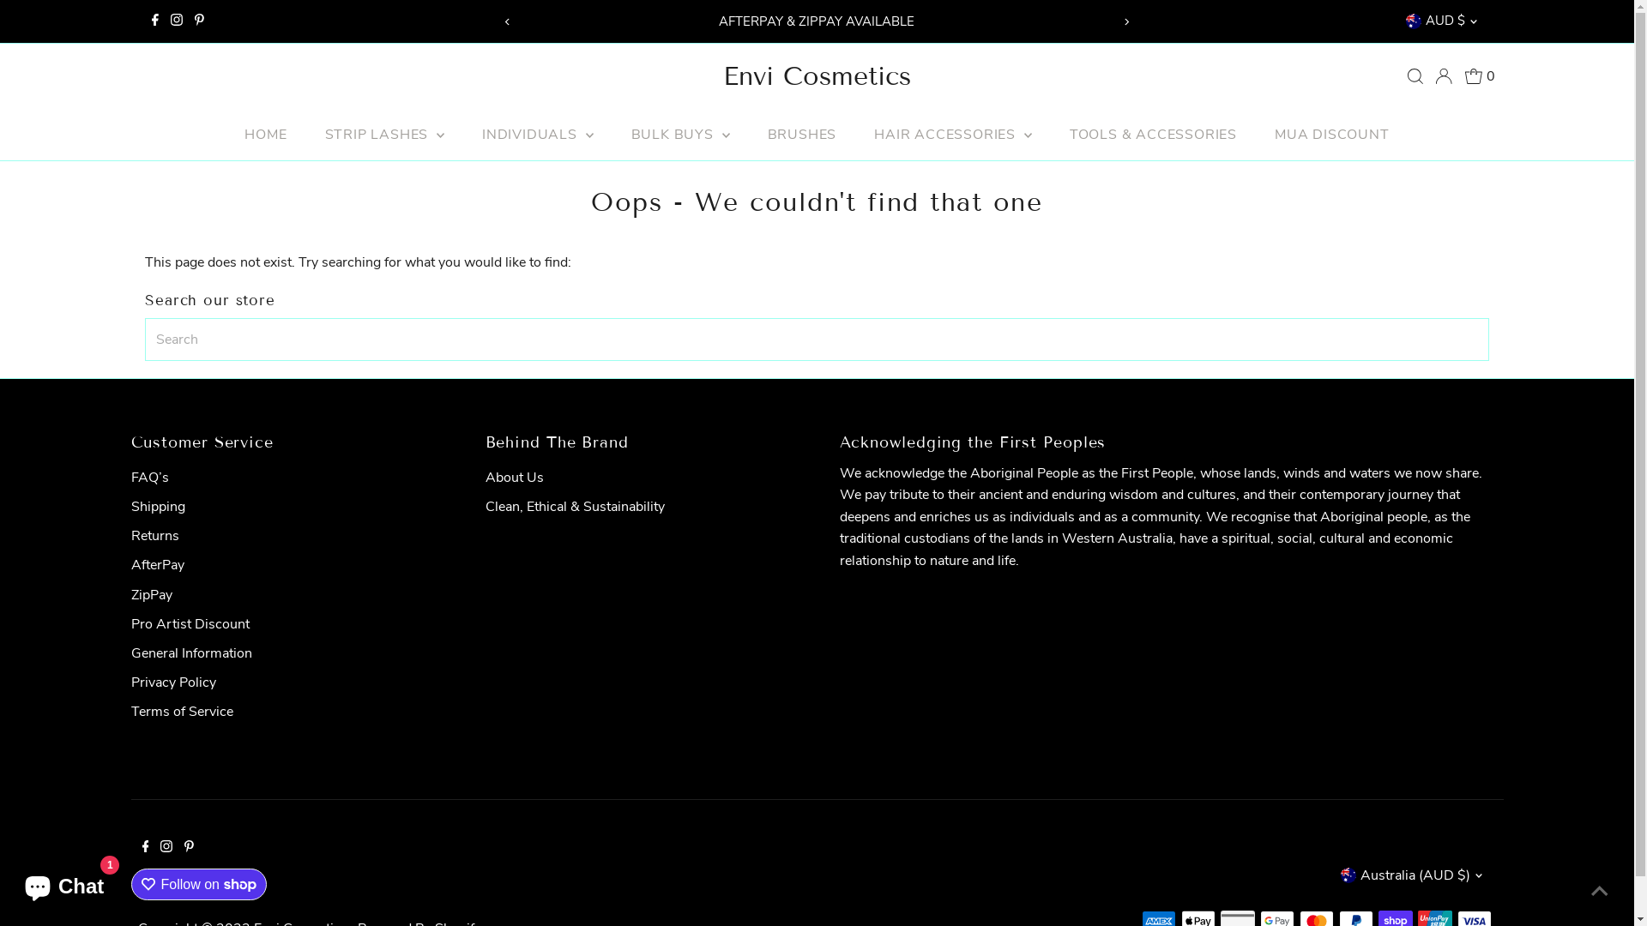 The height and width of the screenshot is (926, 1647). Describe the element at coordinates (1414, 875) in the screenshot. I see `'Australia (AUD $)'` at that location.